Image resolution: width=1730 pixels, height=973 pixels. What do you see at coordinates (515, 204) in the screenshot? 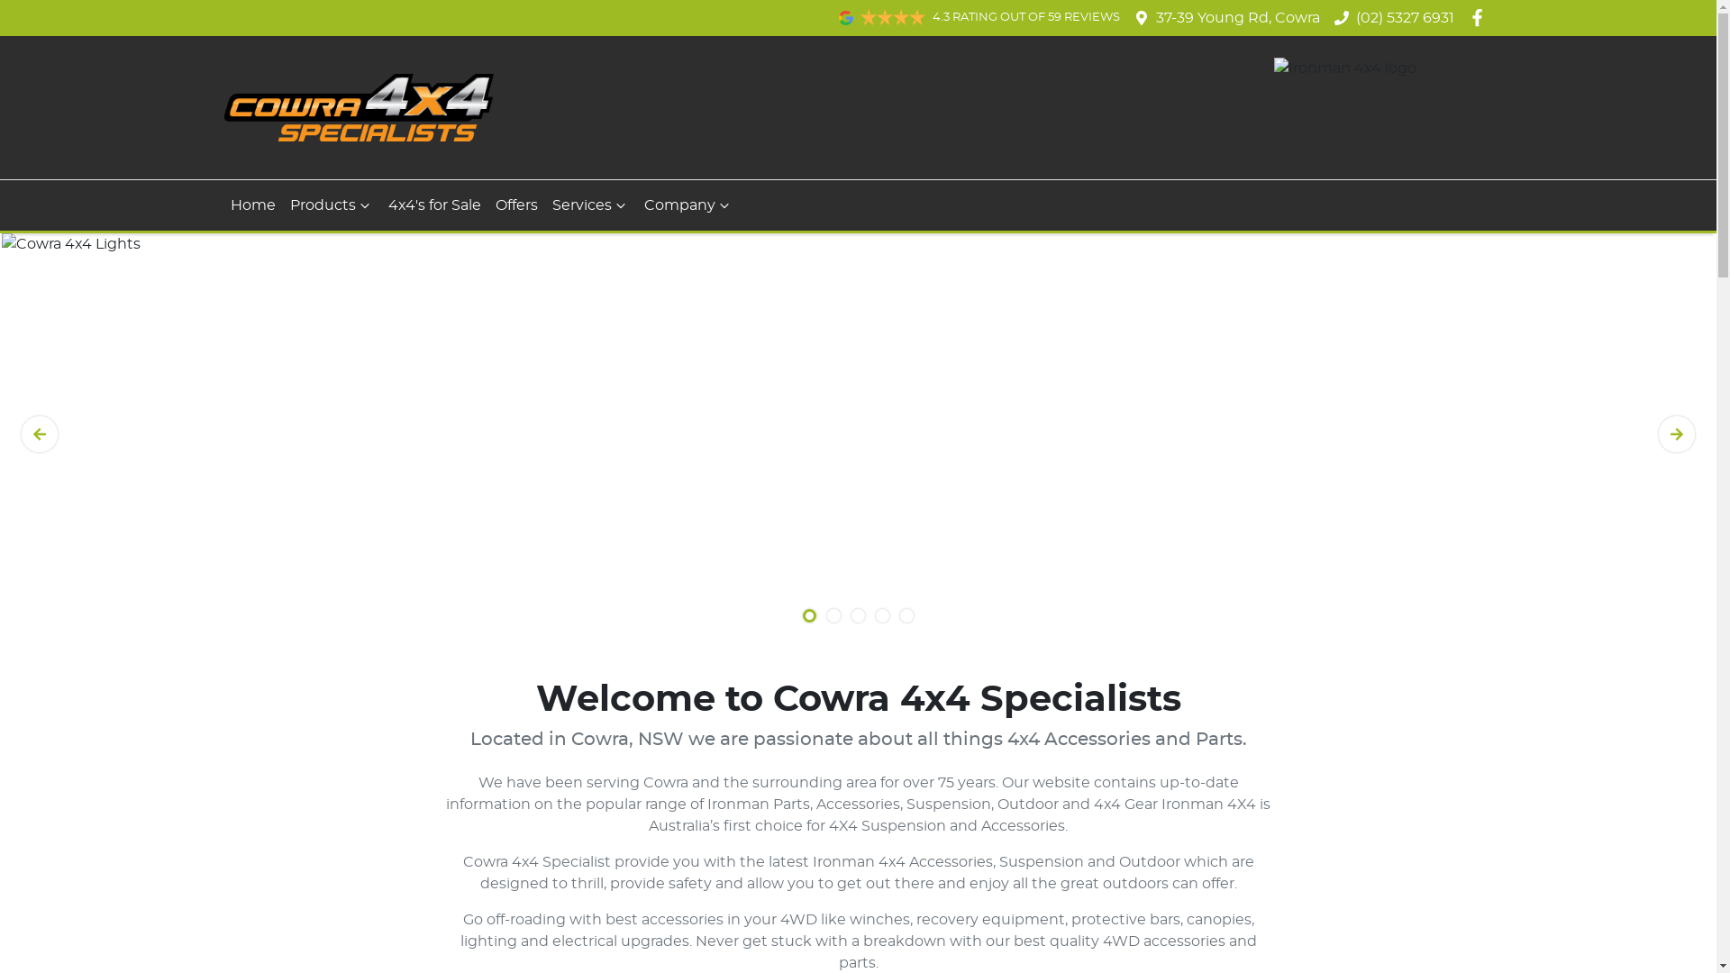
I see `'Offers'` at bounding box center [515, 204].